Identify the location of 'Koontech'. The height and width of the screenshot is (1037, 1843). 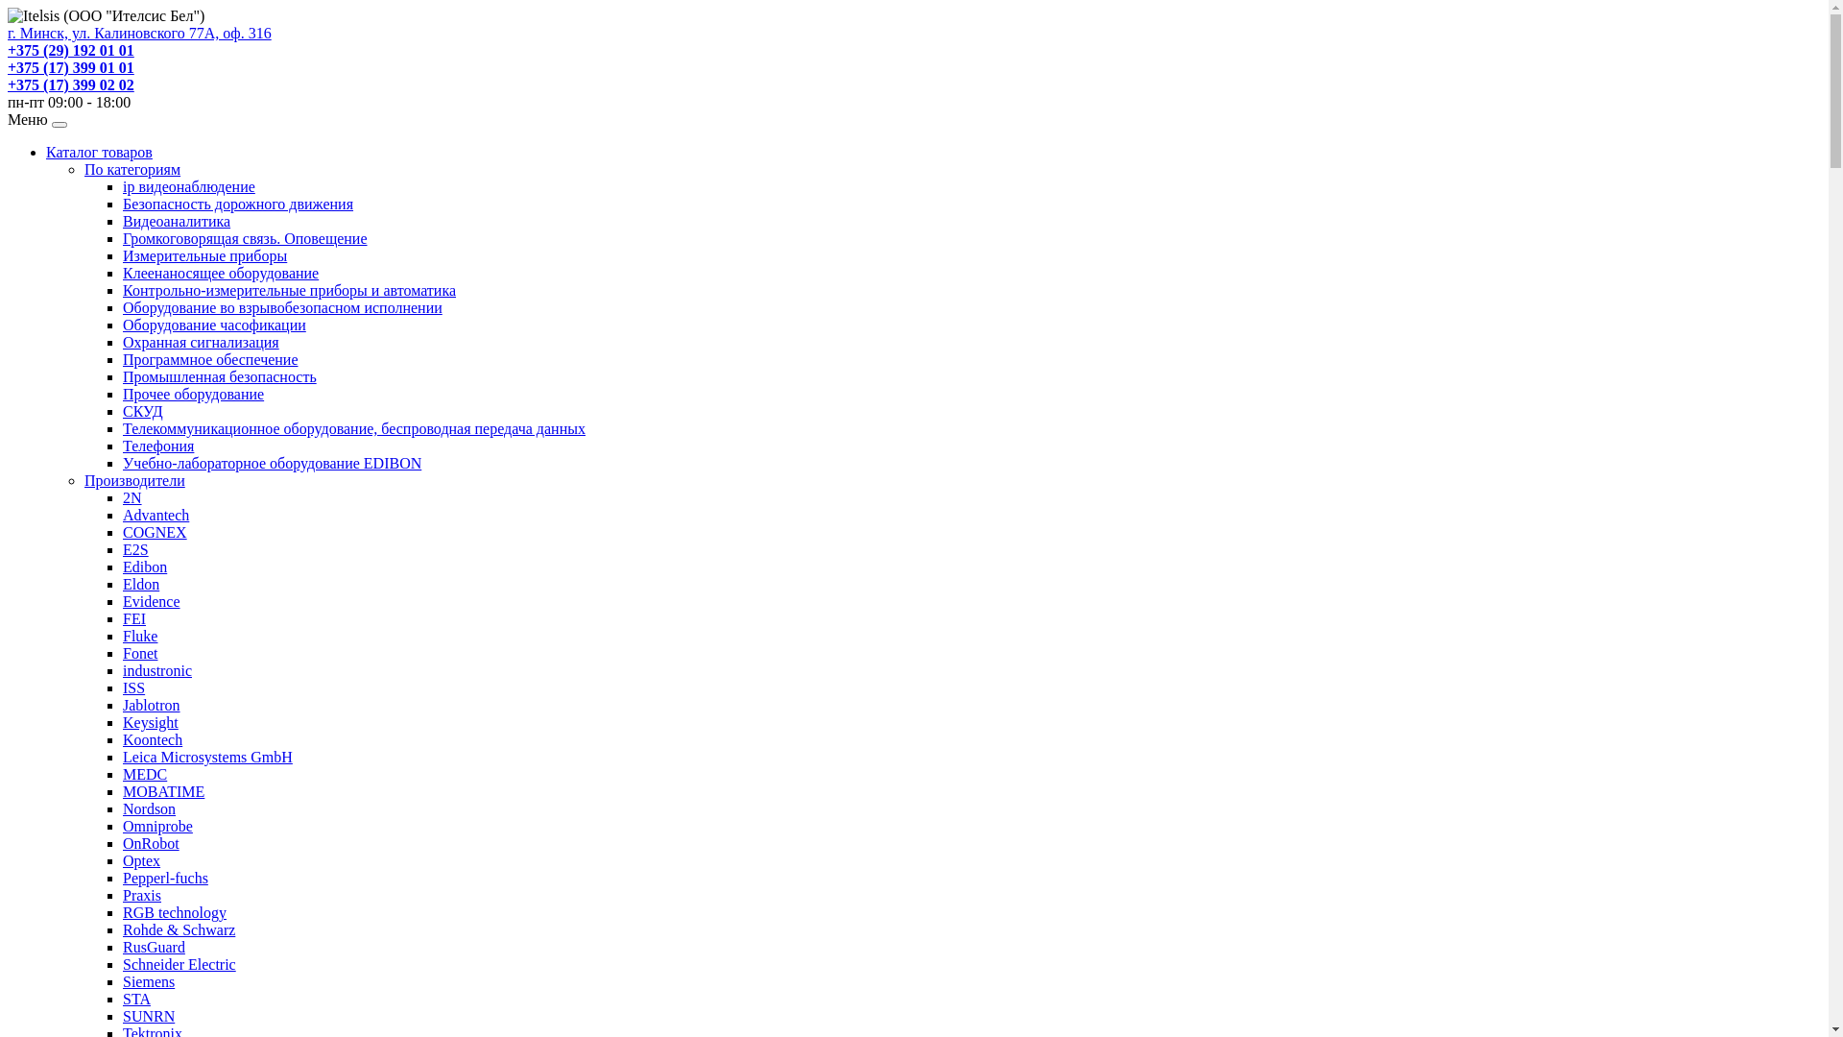
(151, 738).